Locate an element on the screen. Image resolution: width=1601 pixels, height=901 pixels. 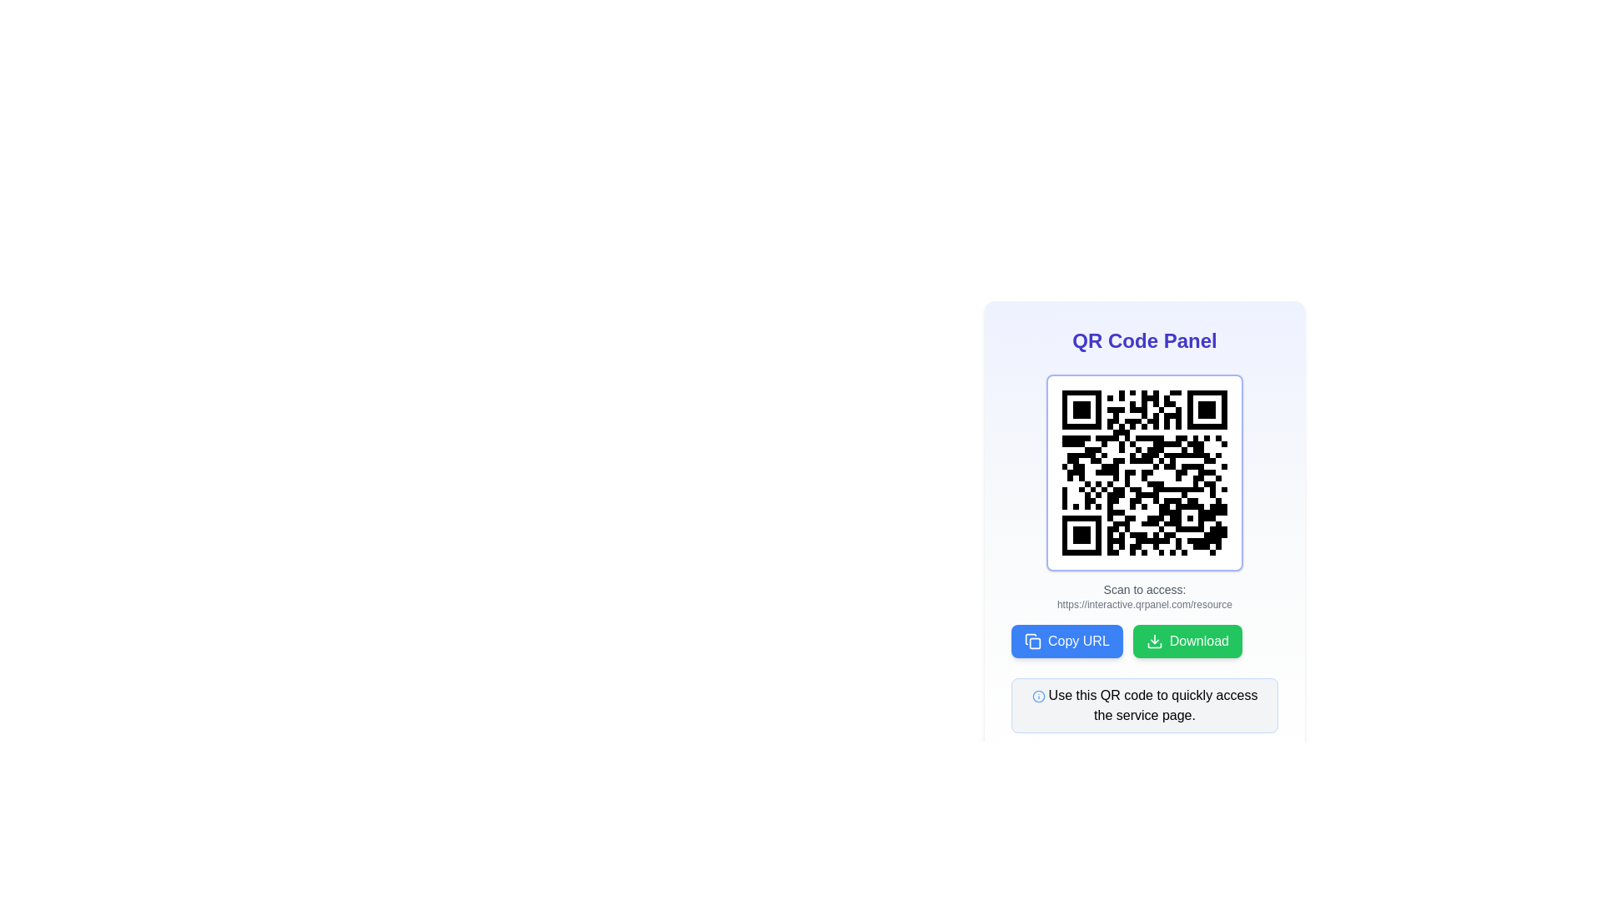
the information indicator icon located to the left of the text 'Use this QR code to quickly access the service page' within the notification area at the bottom of the panel is located at coordinates (1037, 696).